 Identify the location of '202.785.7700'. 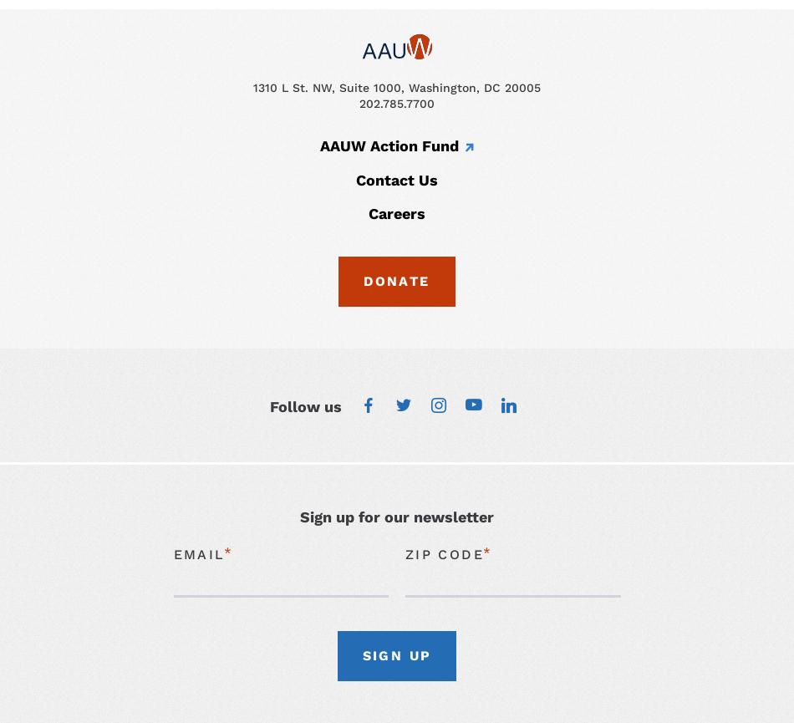
(397, 104).